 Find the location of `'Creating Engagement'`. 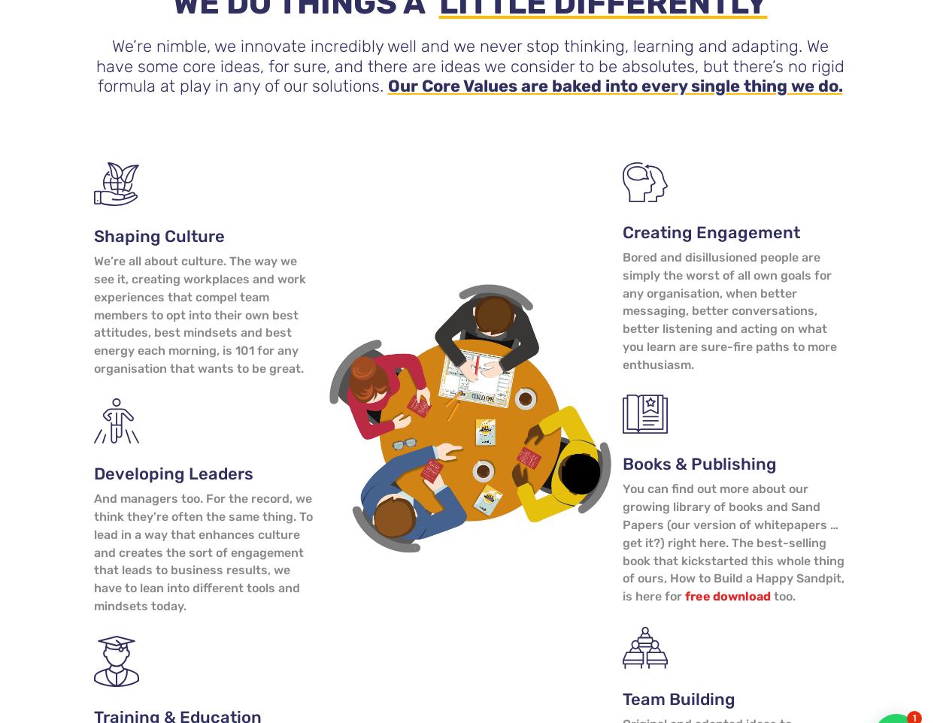

'Creating Engagement' is located at coordinates (711, 231).